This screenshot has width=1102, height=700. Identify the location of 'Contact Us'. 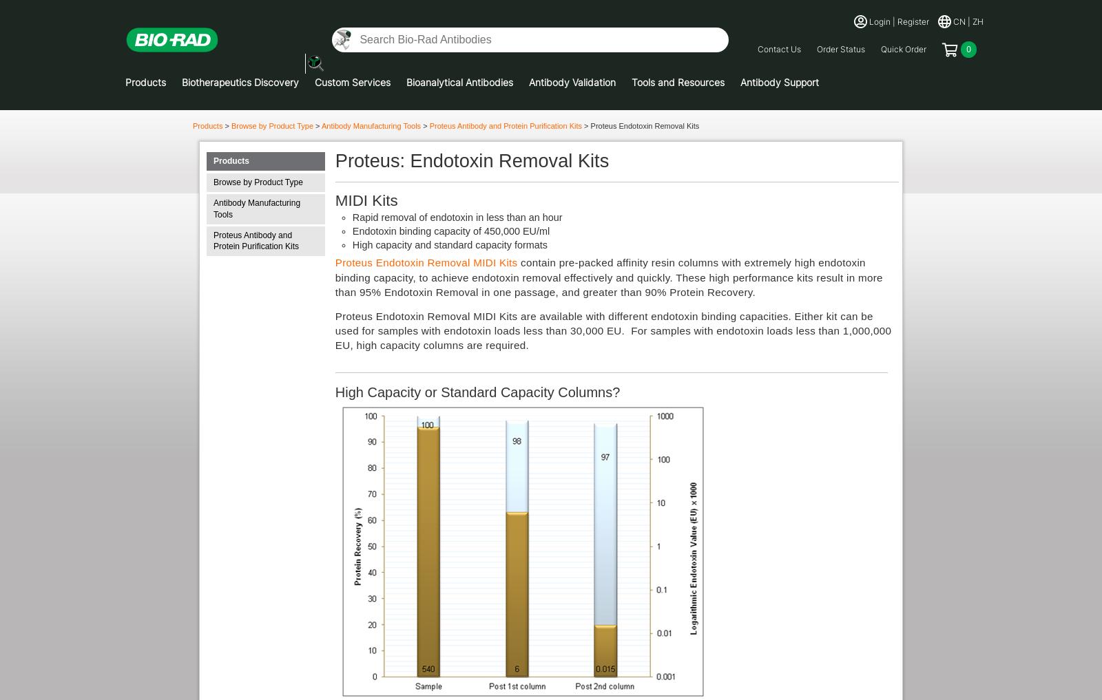
(779, 49).